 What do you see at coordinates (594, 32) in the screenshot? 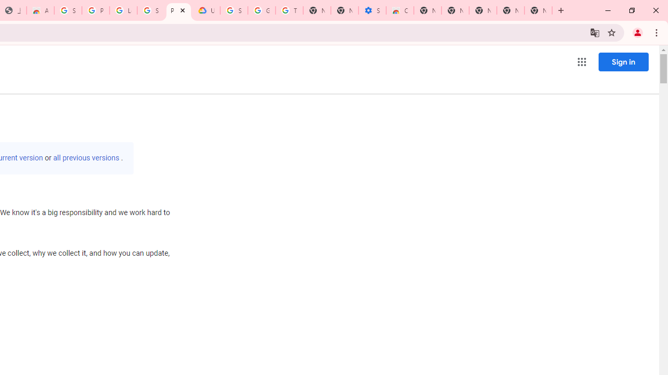
I see `'Translate this page'` at bounding box center [594, 32].